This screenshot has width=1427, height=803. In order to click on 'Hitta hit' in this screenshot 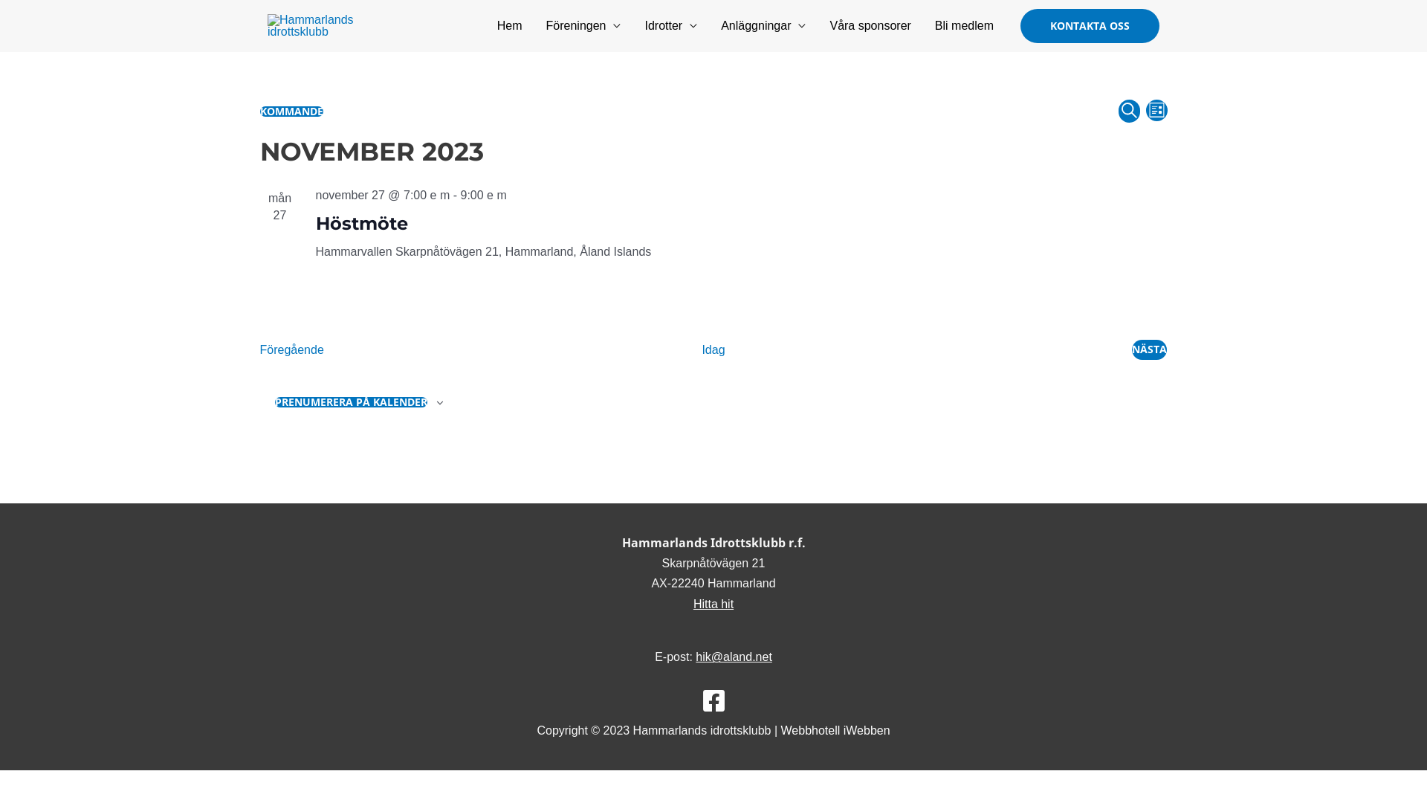, I will do `click(713, 604)`.